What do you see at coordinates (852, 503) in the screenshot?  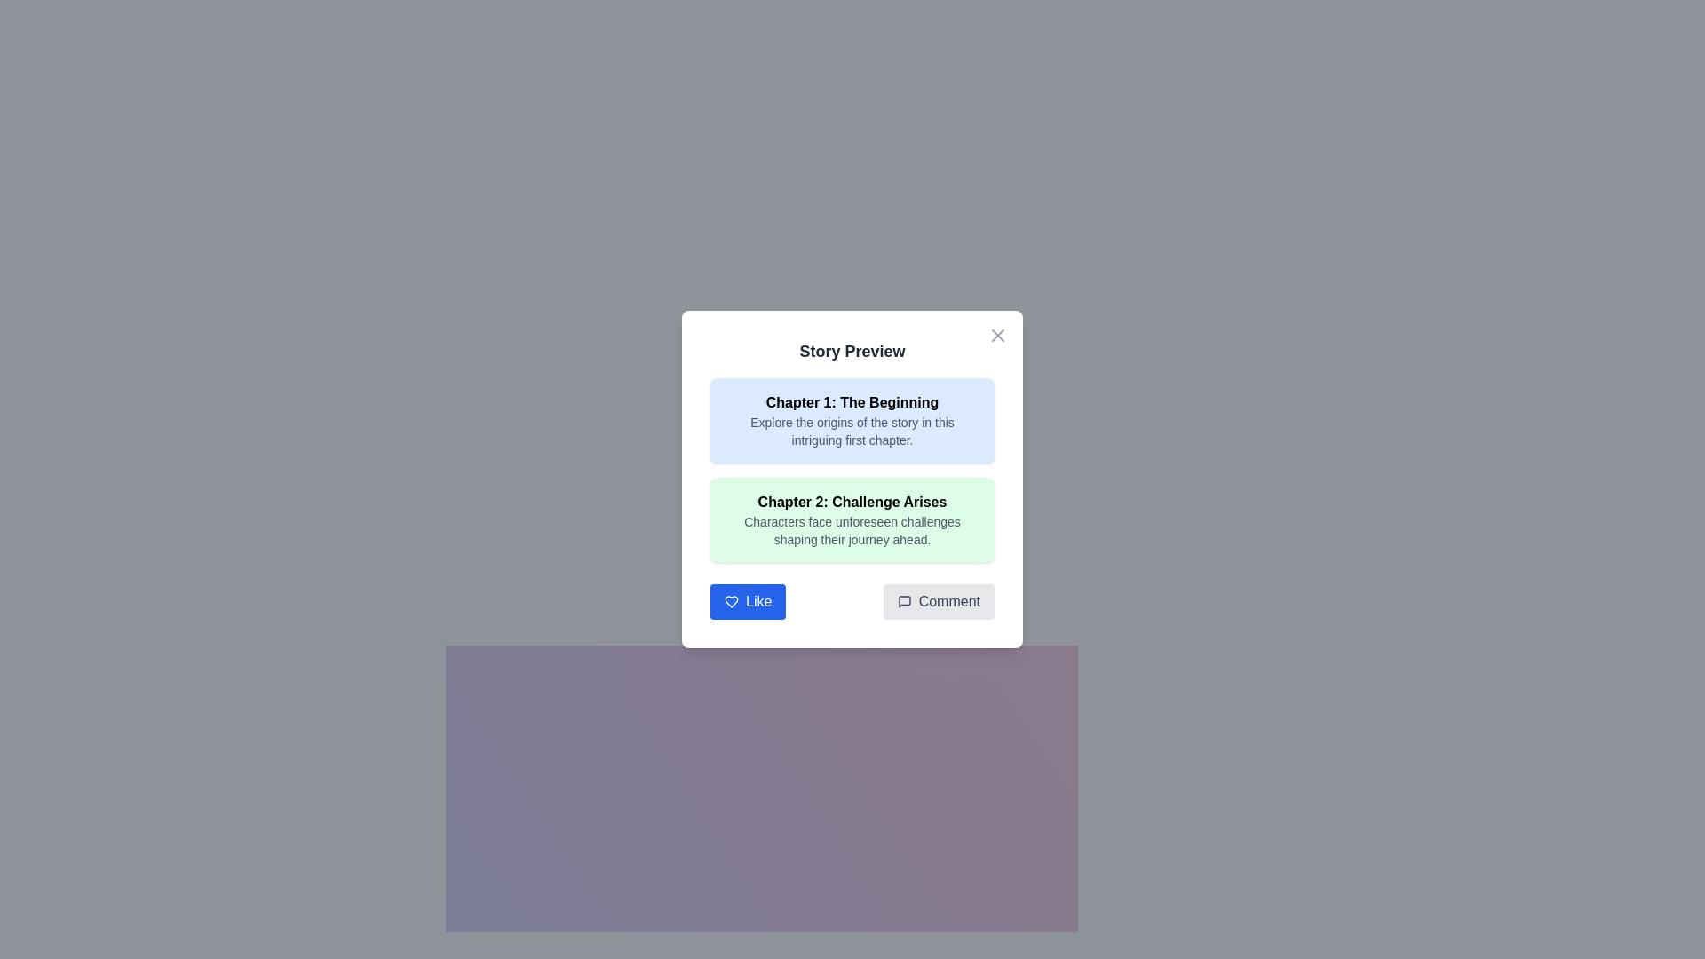 I see `the bold text label displaying the title of the second chapter in the 'Story Preview' modal, located at the top of the green-highlighted box` at bounding box center [852, 503].